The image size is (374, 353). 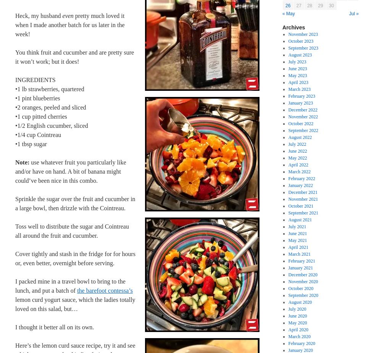 I want to click on '27', so click(x=298, y=5).